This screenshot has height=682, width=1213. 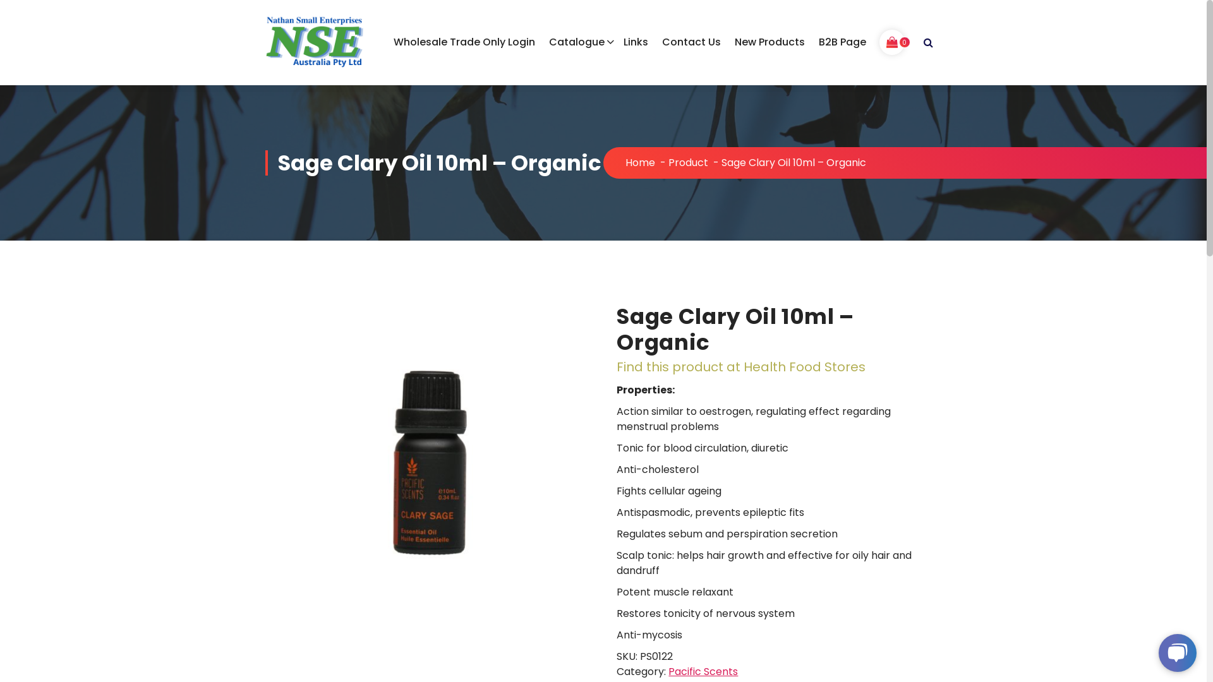 What do you see at coordinates (687, 162) in the screenshot?
I see `'Product'` at bounding box center [687, 162].